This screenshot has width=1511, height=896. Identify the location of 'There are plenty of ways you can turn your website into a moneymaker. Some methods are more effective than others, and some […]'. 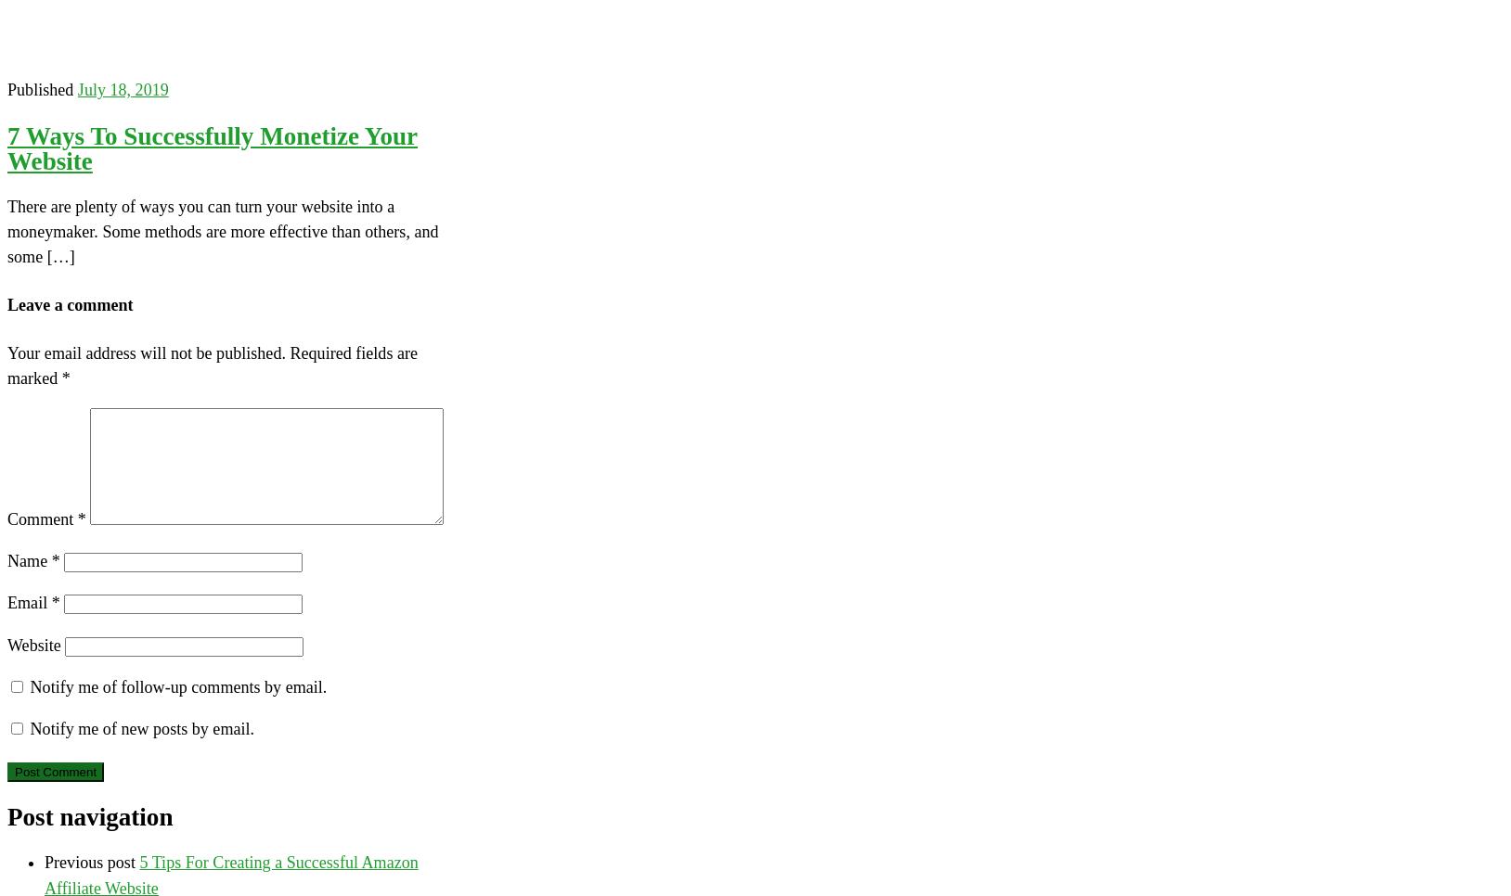
(6, 232).